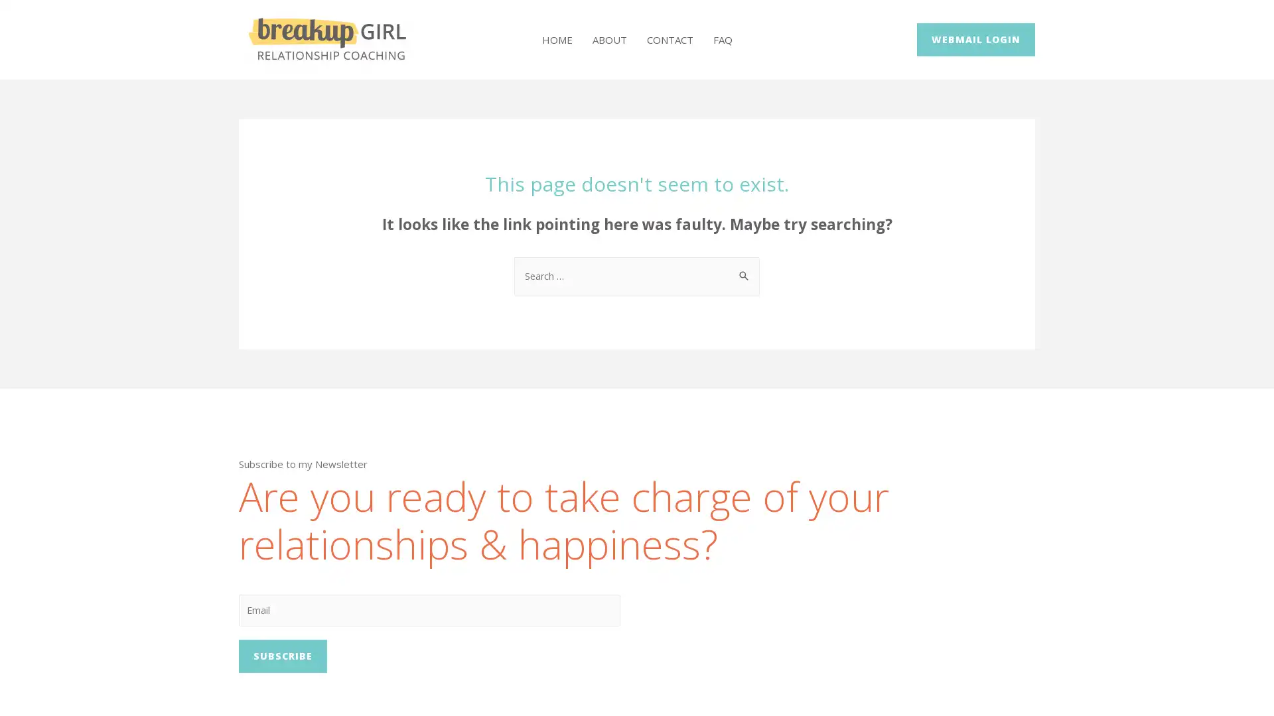 This screenshot has height=716, width=1274. I want to click on Search, so click(744, 269).